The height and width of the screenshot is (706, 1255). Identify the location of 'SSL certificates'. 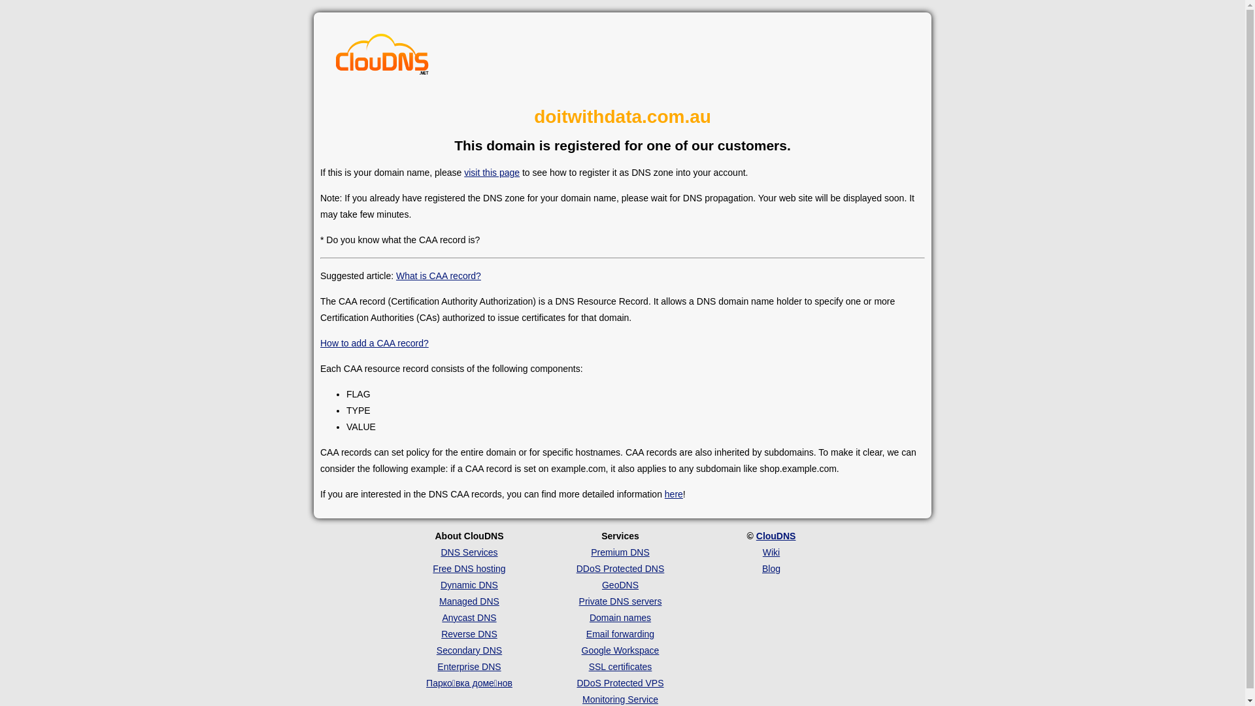
(588, 666).